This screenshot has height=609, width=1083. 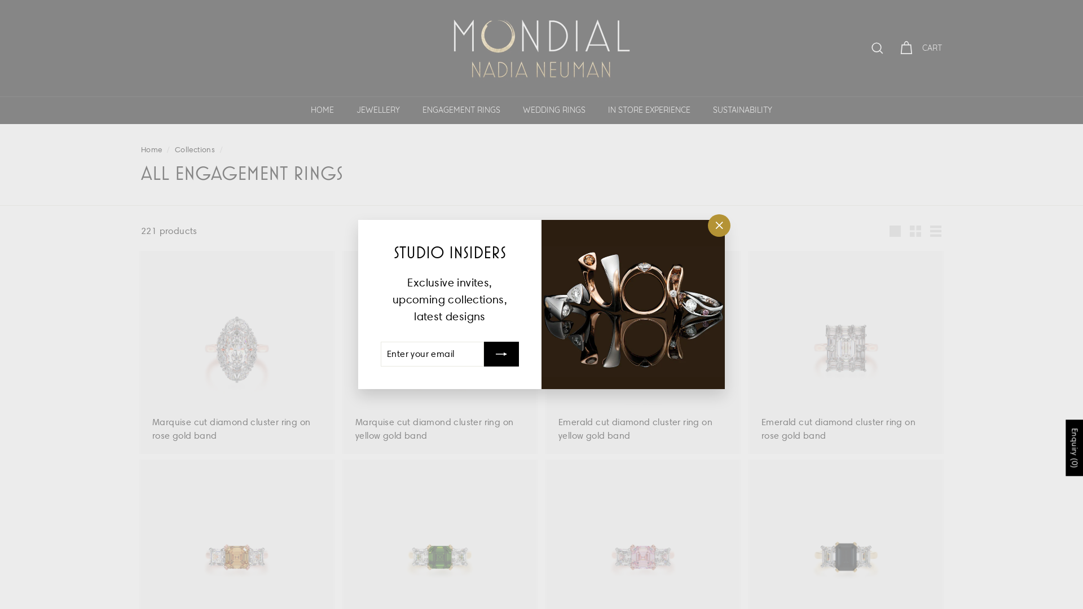 I want to click on 'HOME', so click(x=322, y=110).